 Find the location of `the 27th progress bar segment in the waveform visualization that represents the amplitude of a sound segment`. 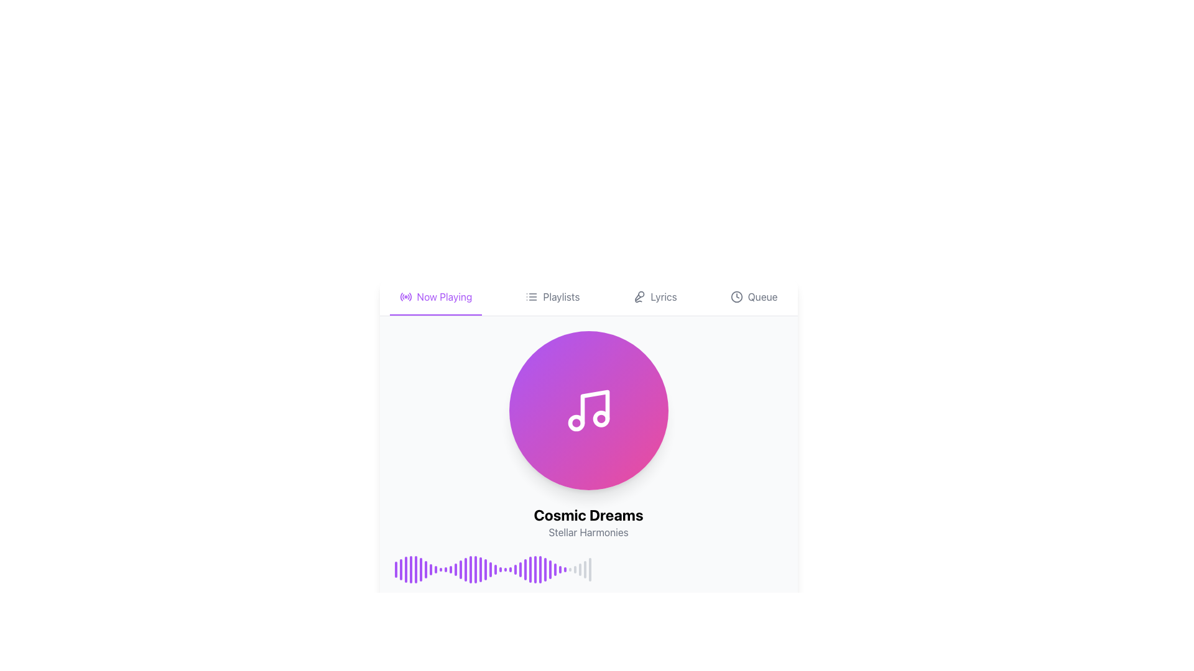

the 27th progress bar segment in the waveform visualization that represents the amplitude of a sound segment is located at coordinates (540, 570).